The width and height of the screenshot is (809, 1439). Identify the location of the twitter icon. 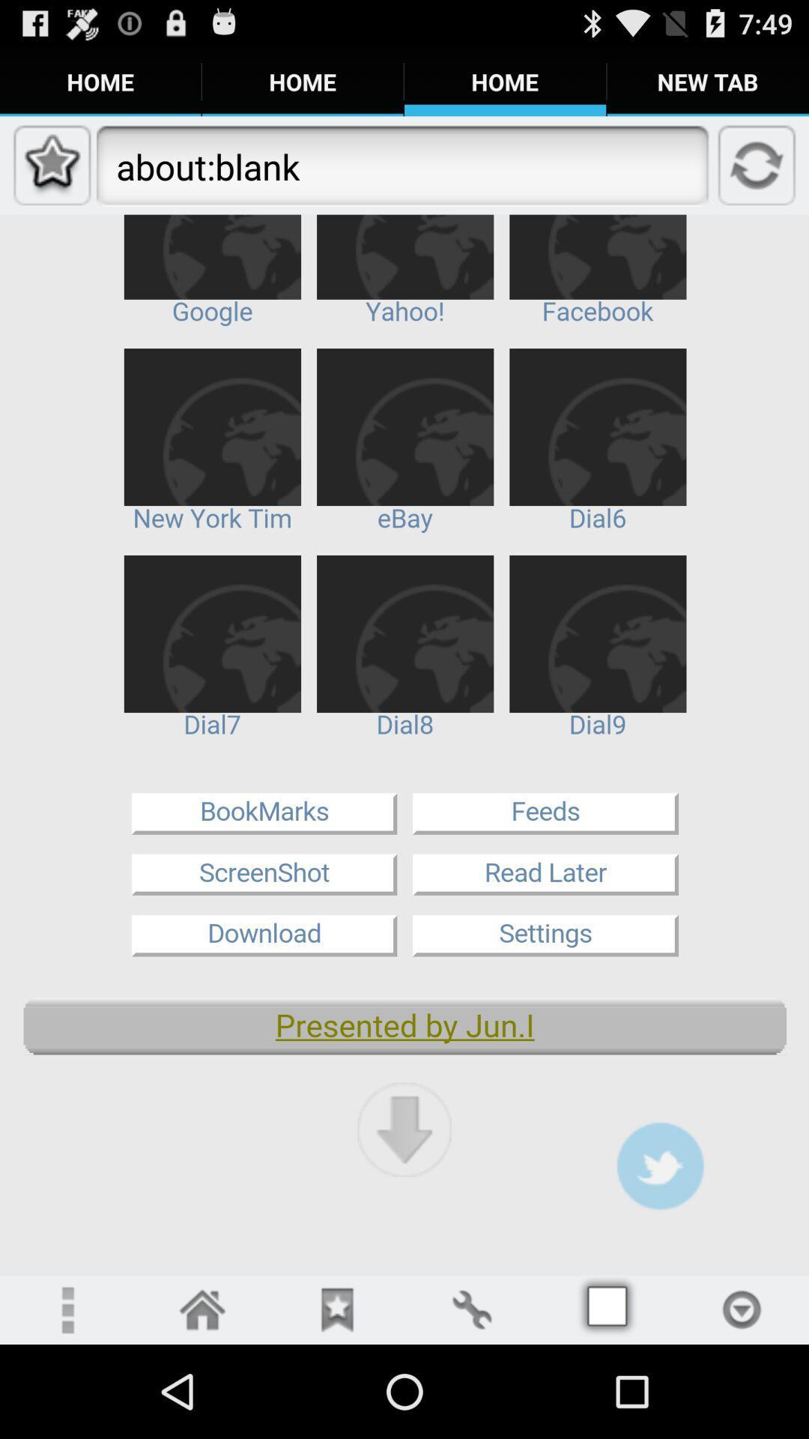
(659, 1248).